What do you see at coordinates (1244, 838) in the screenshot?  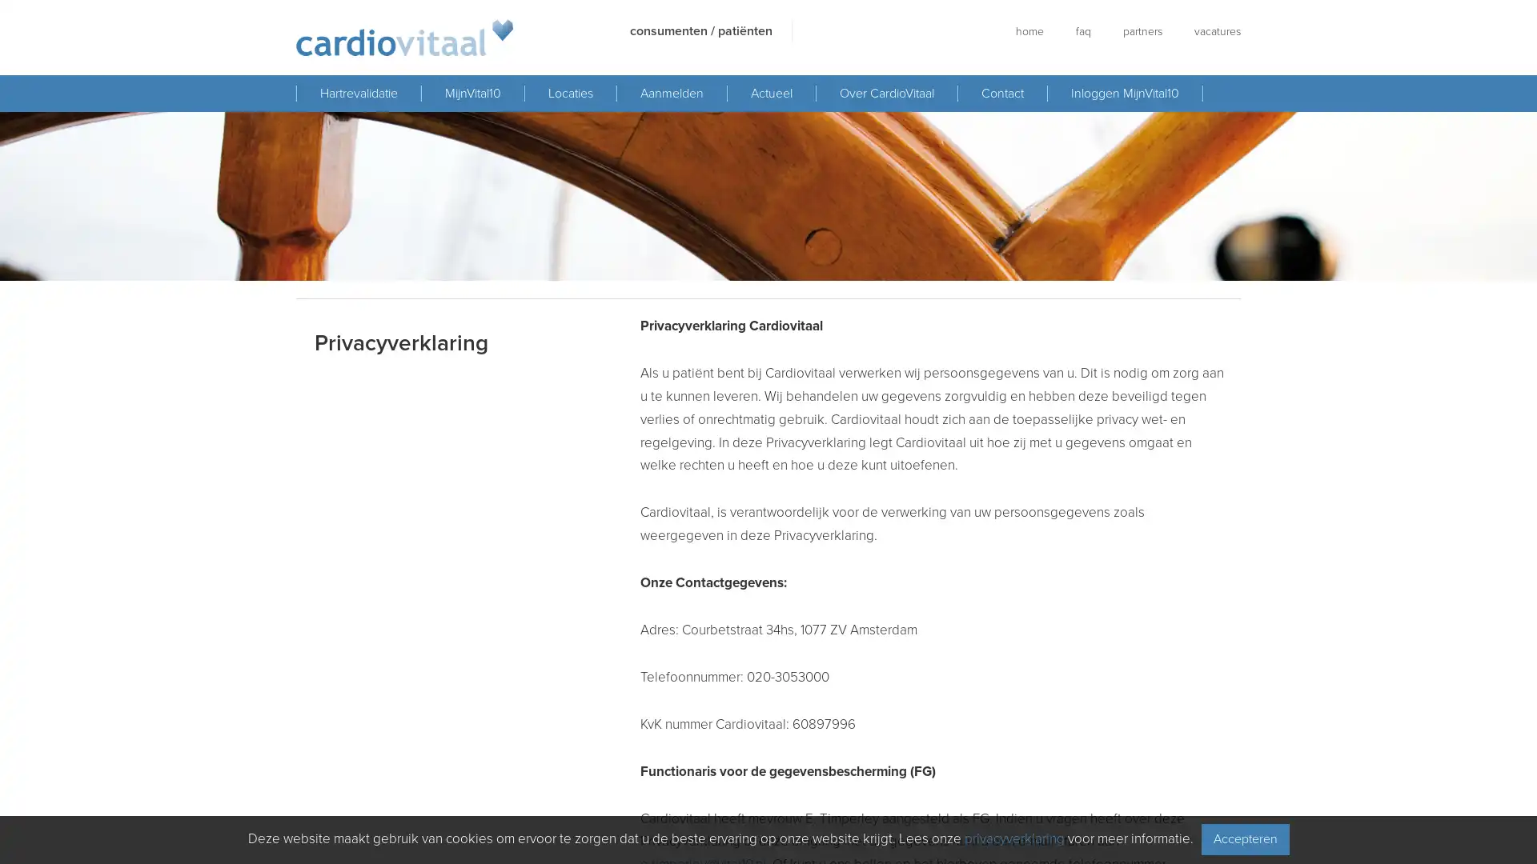 I see `Accepteren` at bounding box center [1244, 838].